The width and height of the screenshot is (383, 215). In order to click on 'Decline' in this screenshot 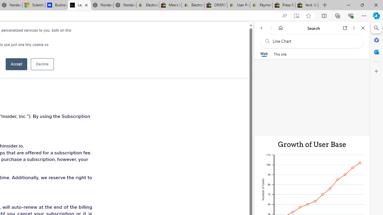, I will do `click(42, 64)`.